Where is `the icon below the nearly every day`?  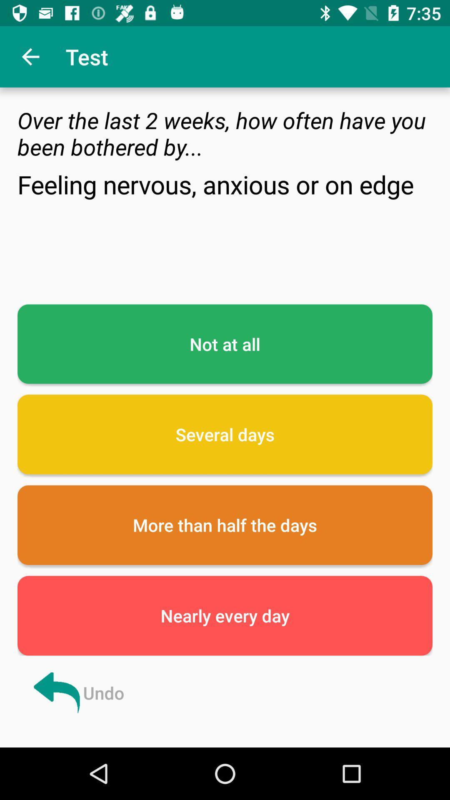
the icon below the nearly every day is located at coordinates (77, 692).